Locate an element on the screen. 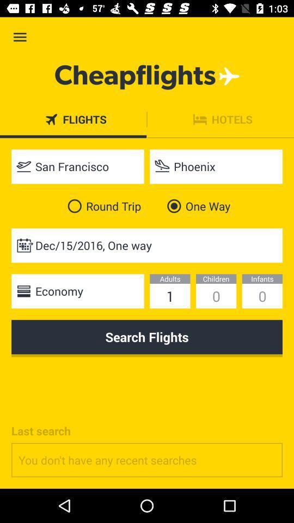  icon to the left of the phoenix is located at coordinates (77, 166).